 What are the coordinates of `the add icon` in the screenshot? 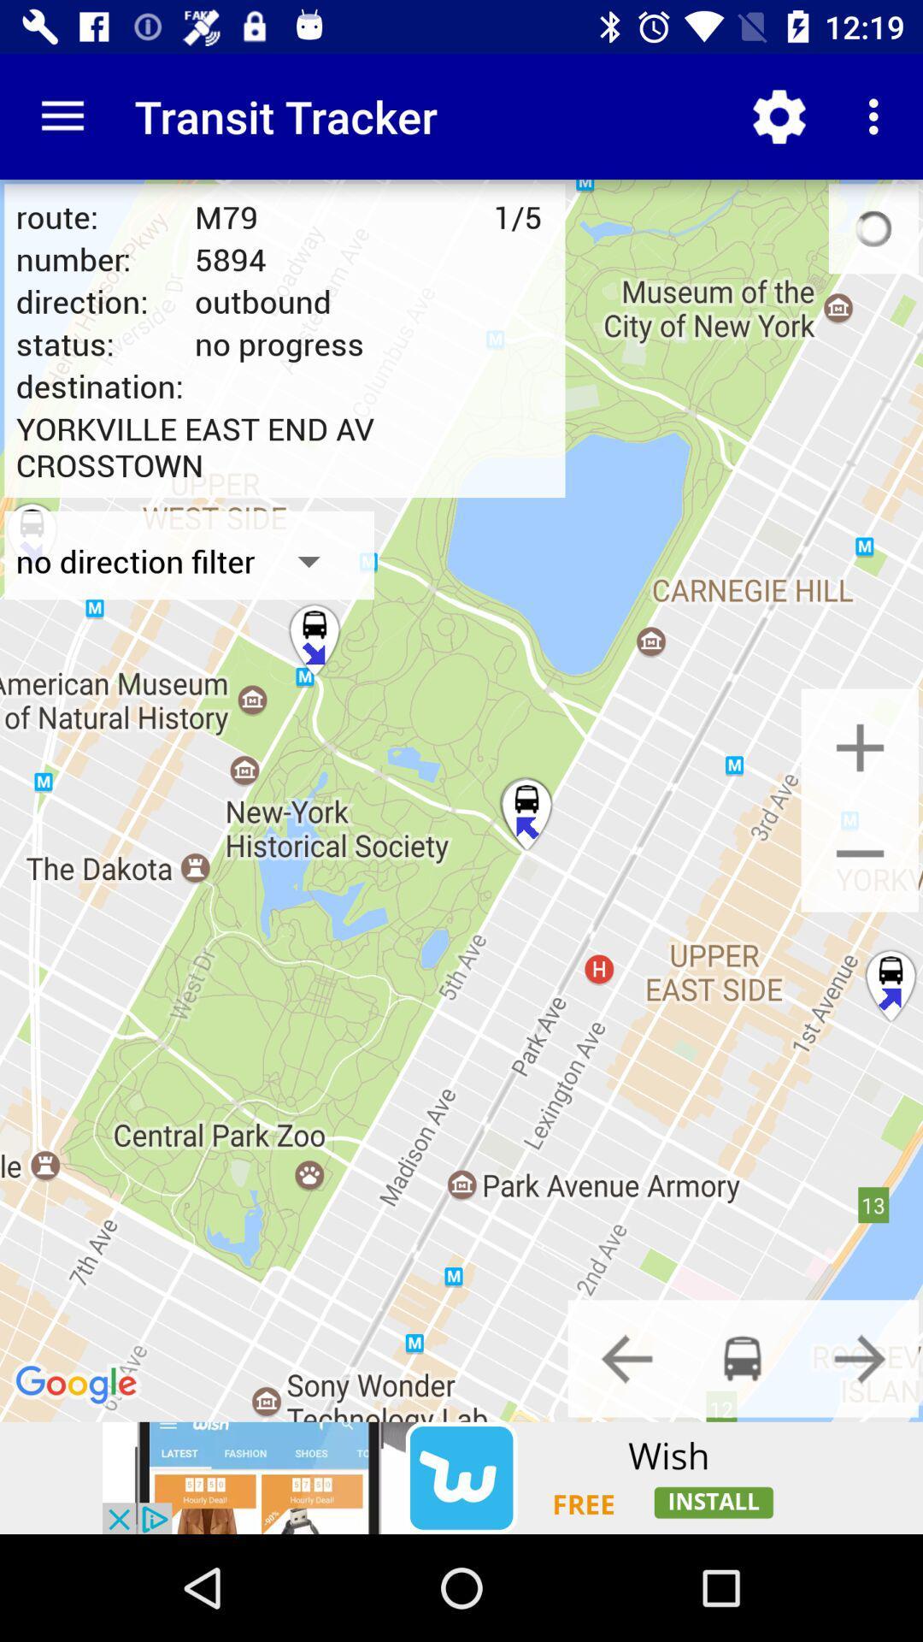 It's located at (860, 747).